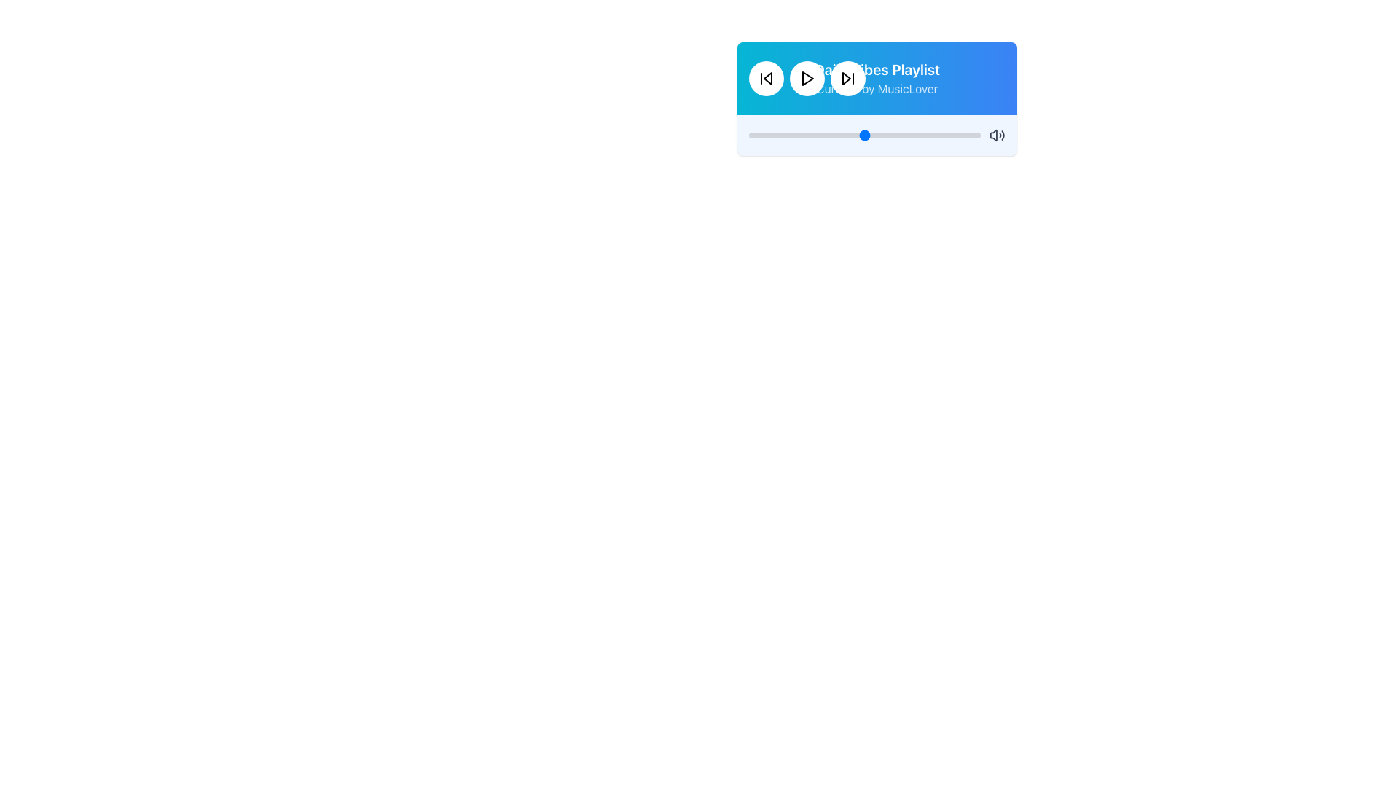  What do you see at coordinates (810, 132) in the screenshot?
I see `the slider's value` at bounding box center [810, 132].